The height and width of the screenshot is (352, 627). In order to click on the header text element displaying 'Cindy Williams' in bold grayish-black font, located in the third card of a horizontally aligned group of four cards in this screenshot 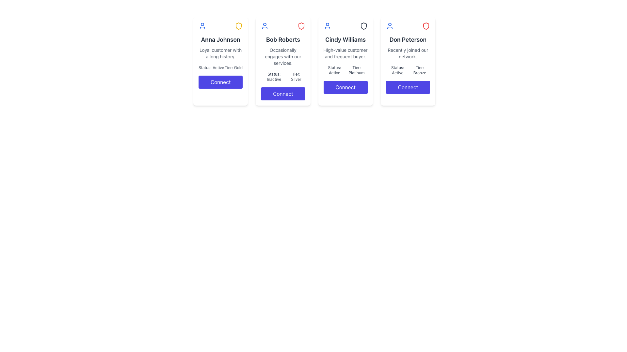, I will do `click(345, 40)`.